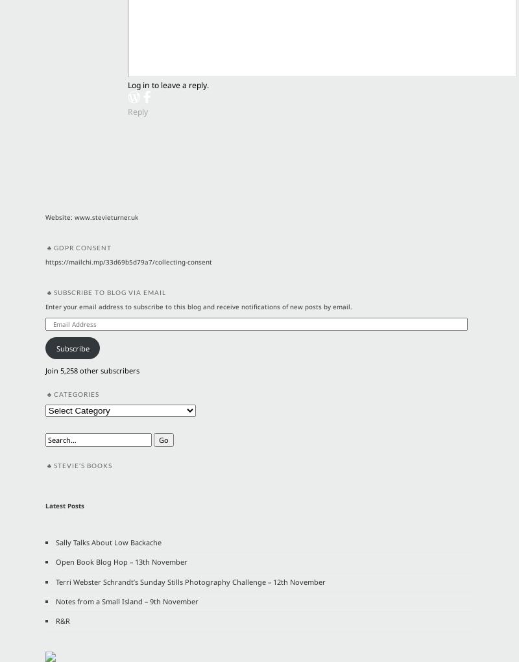  I want to click on 'Notes from a Small Island – 9th November', so click(54, 600).